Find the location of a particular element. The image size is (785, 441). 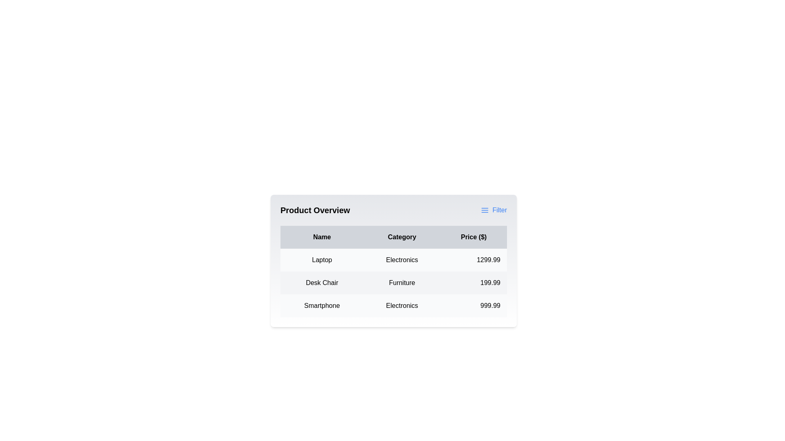

text element displaying 'Electronics' in the 'Category' column of the third row in the 'Product Overview' table is located at coordinates (402, 305).